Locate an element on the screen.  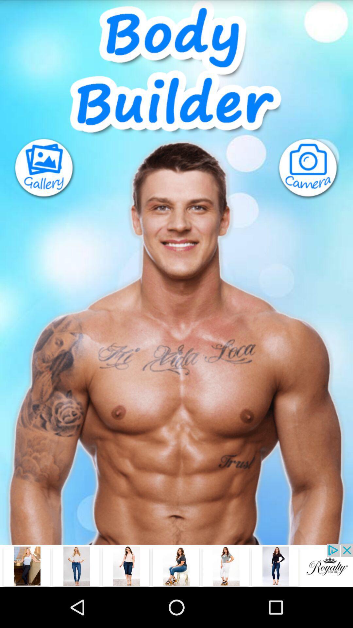
take a photo is located at coordinates (314, 169).